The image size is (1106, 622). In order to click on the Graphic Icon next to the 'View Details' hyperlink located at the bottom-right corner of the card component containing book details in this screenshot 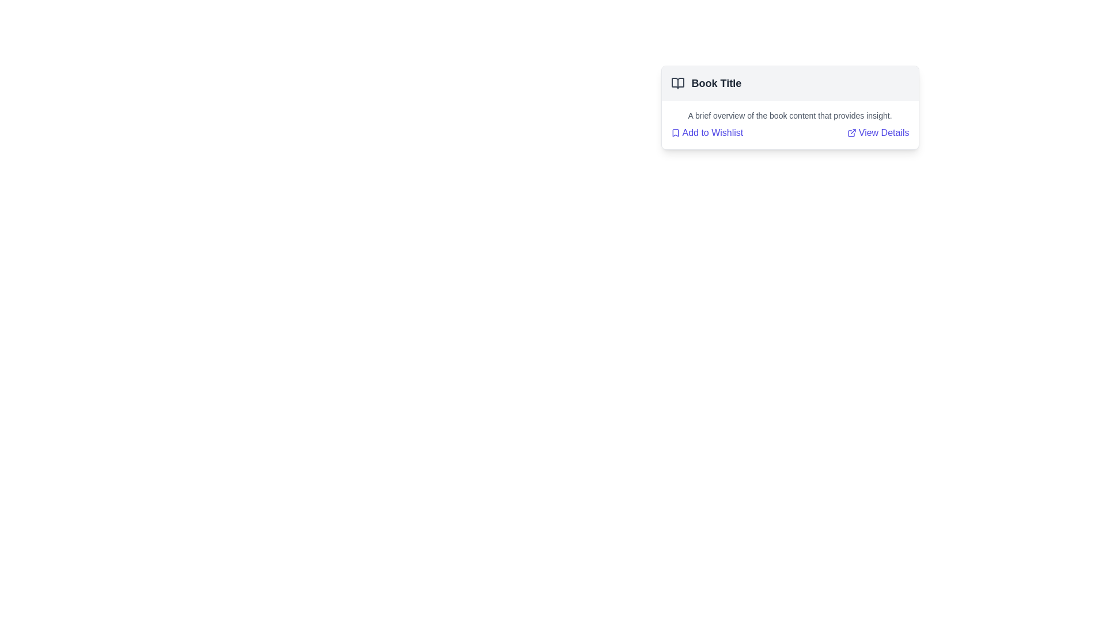, I will do `click(851, 132)`.